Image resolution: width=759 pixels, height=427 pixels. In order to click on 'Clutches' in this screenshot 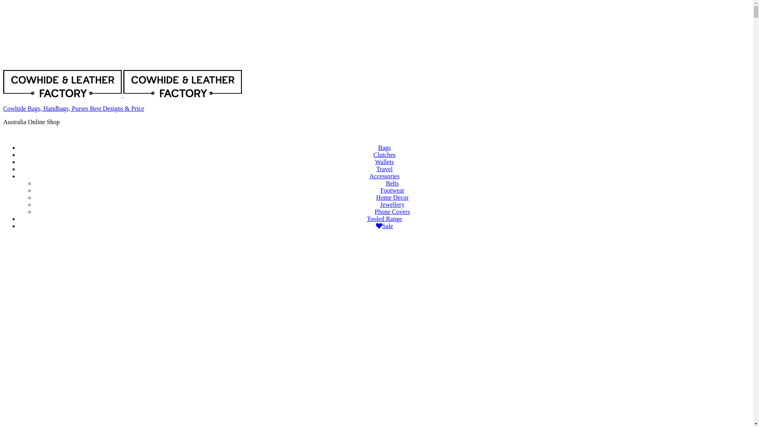, I will do `click(384, 155)`.